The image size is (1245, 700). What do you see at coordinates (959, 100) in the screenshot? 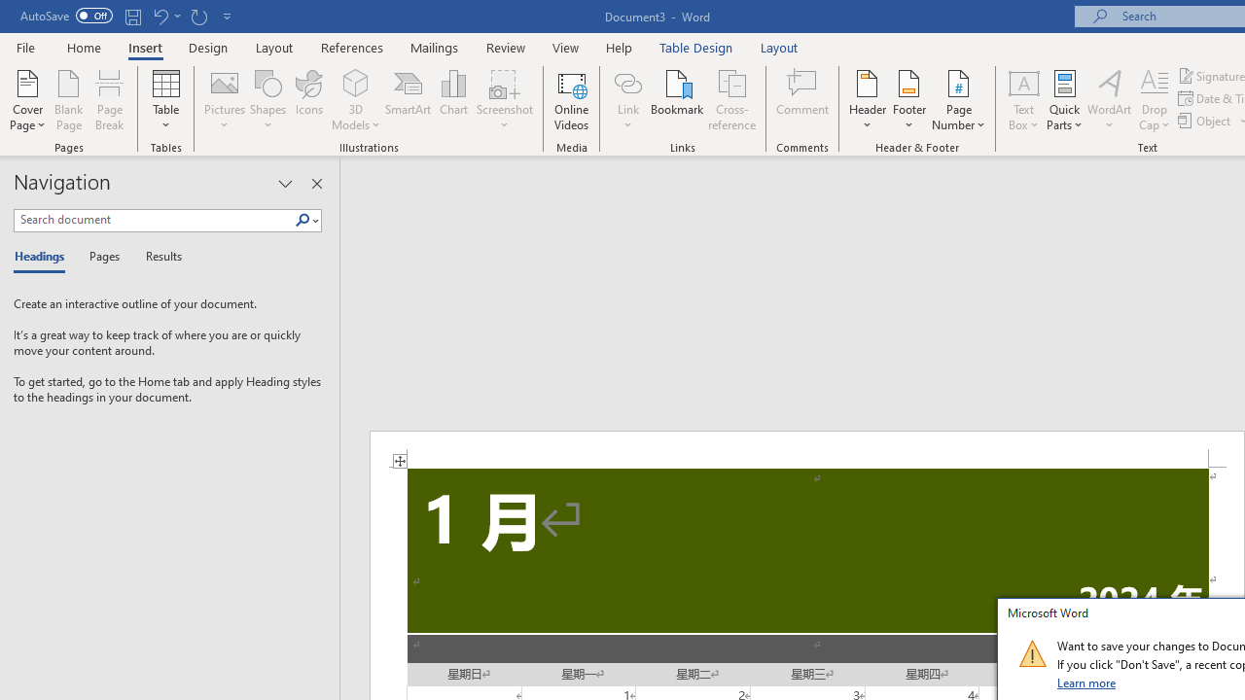
I see `'Page Number'` at bounding box center [959, 100].